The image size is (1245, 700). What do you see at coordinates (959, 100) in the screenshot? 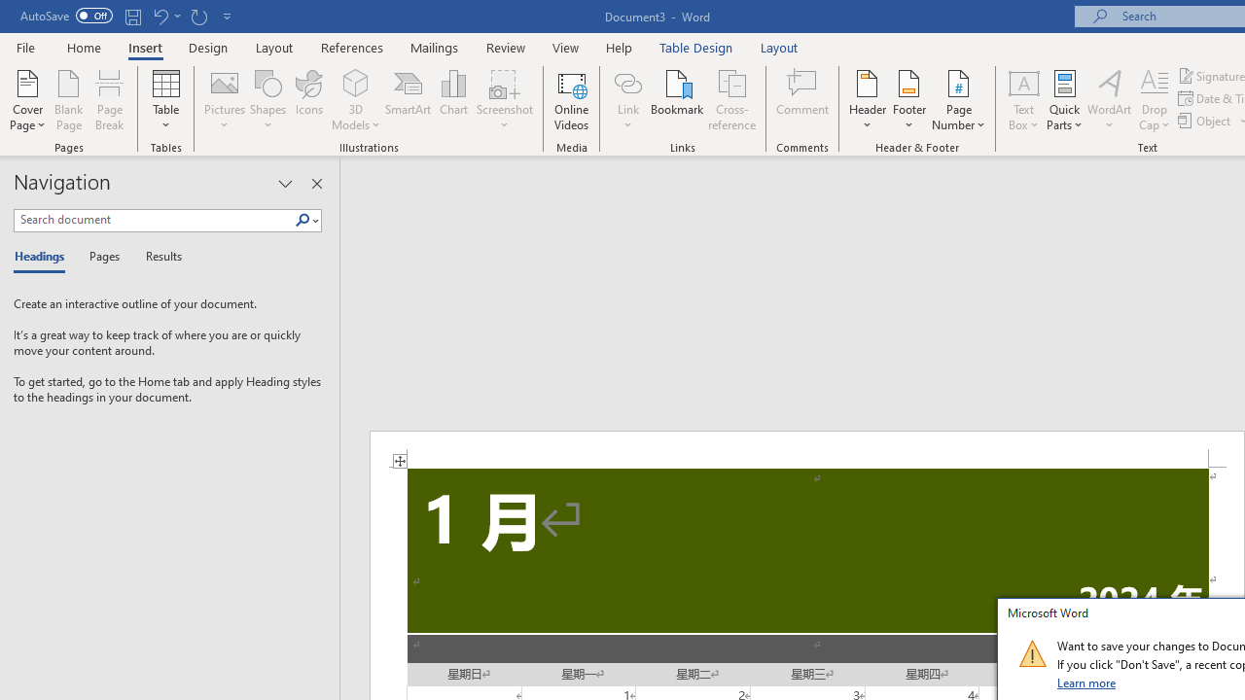
I see `'Page Number'` at bounding box center [959, 100].